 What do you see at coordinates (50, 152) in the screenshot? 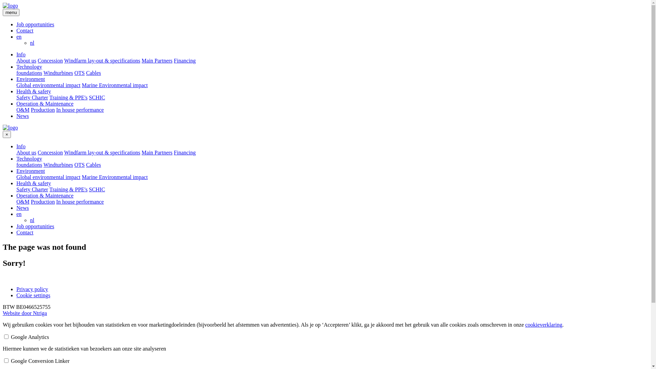
I see `'Concession'` at bounding box center [50, 152].